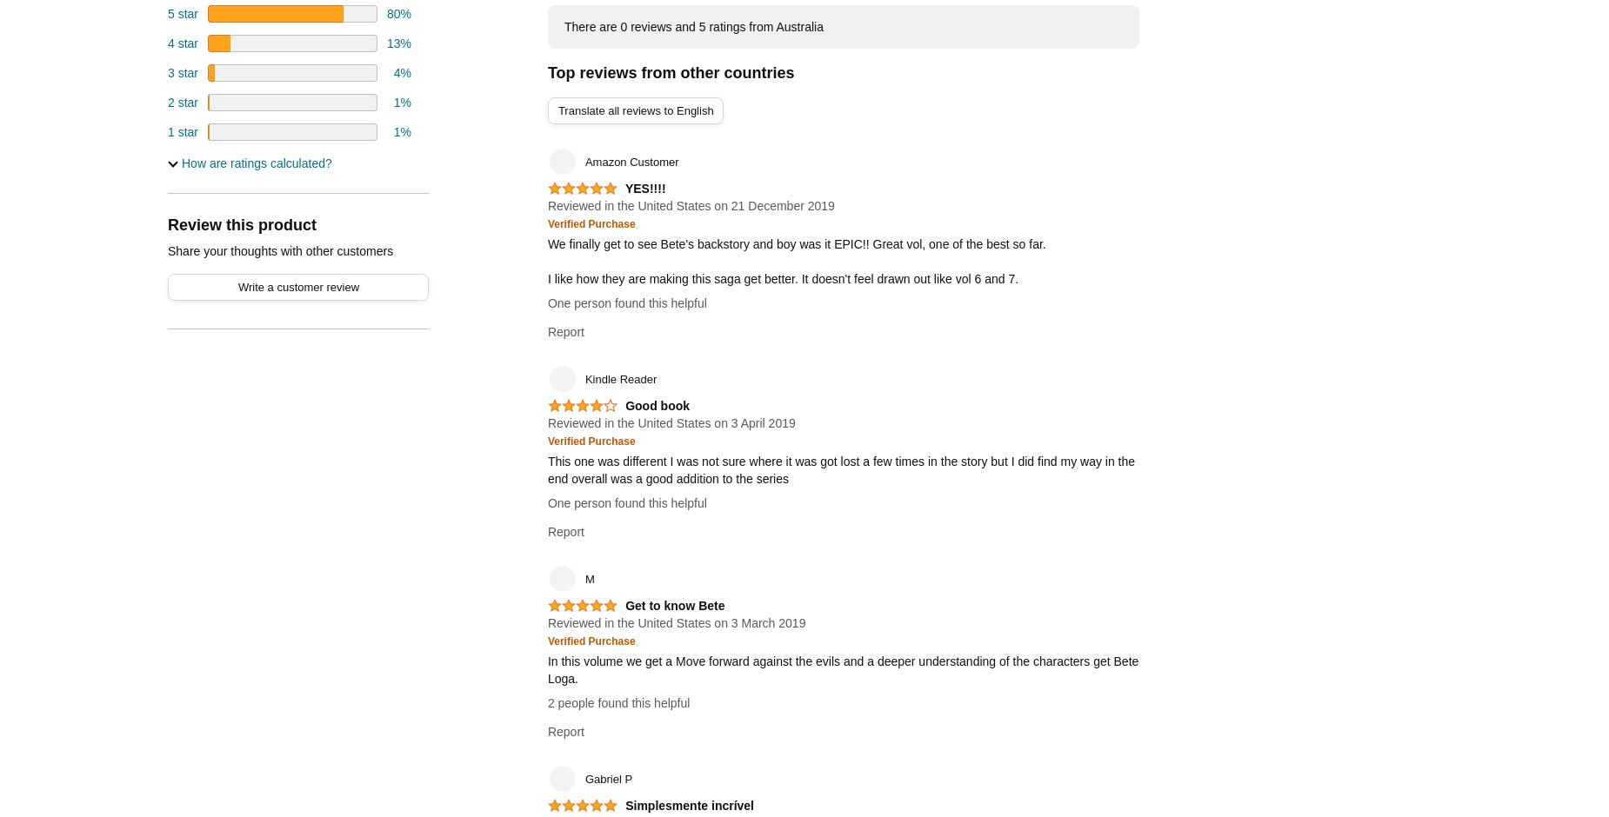  What do you see at coordinates (577, 412) in the screenshot?
I see `'4.0 out of 5 stars'` at bounding box center [577, 412].